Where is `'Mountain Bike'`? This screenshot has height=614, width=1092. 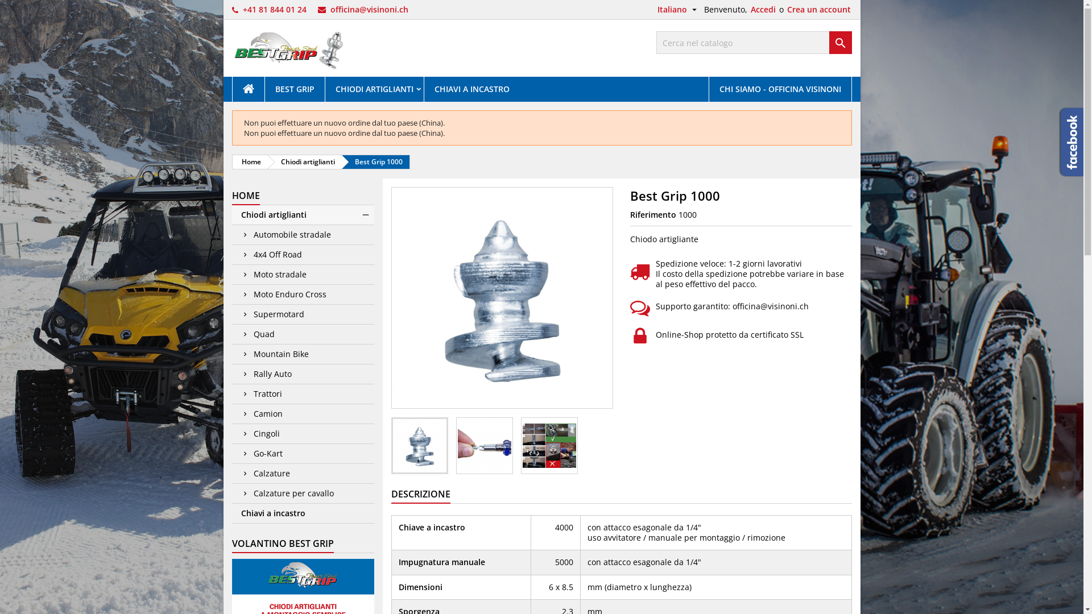
'Mountain Bike' is located at coordinates (303, 354).